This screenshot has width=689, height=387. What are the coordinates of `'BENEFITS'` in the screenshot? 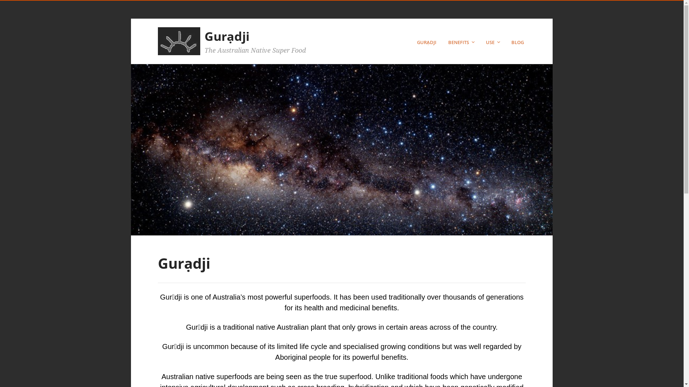 It's located at (462, 42).